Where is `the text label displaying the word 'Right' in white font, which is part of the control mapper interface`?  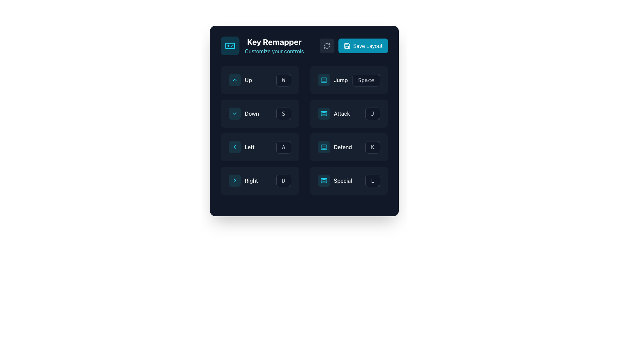
the text label displaying the word 'Right' in white font, which is part of the control mapper interface is located at coordinates (251, 180).